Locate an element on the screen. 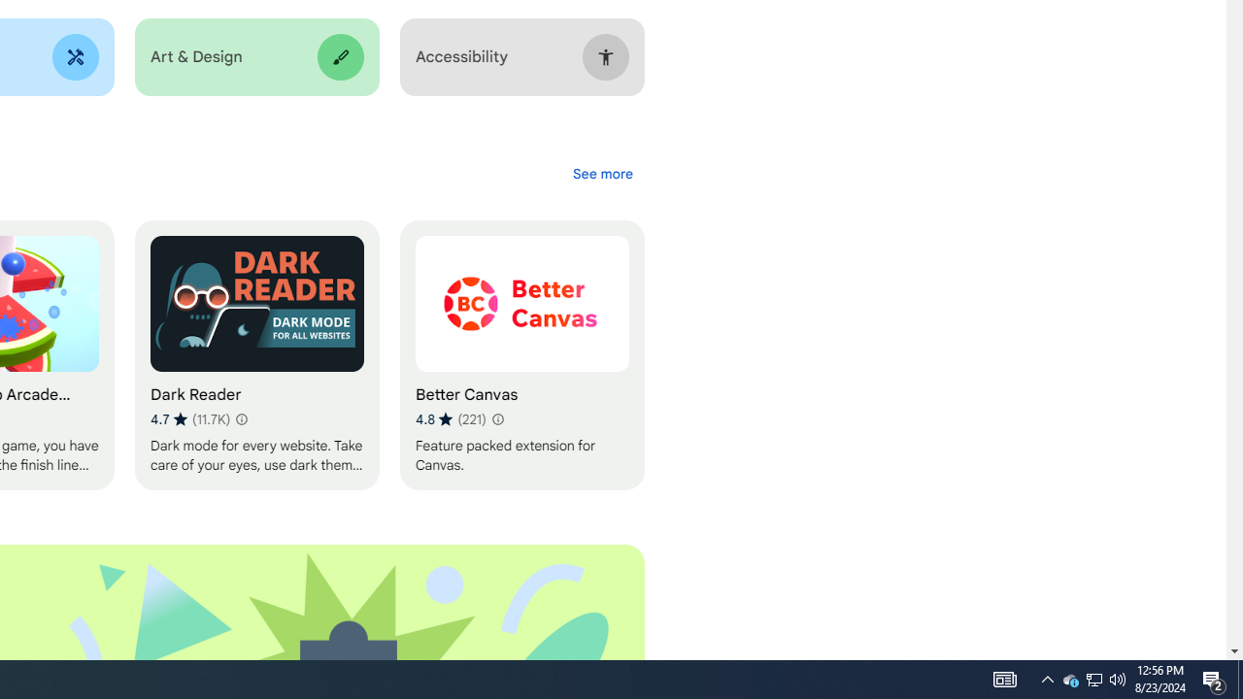 Image resolution: width=1243 pixels, height=699 pixels. 'Better Canvas' is located at coordinates (521, 355).